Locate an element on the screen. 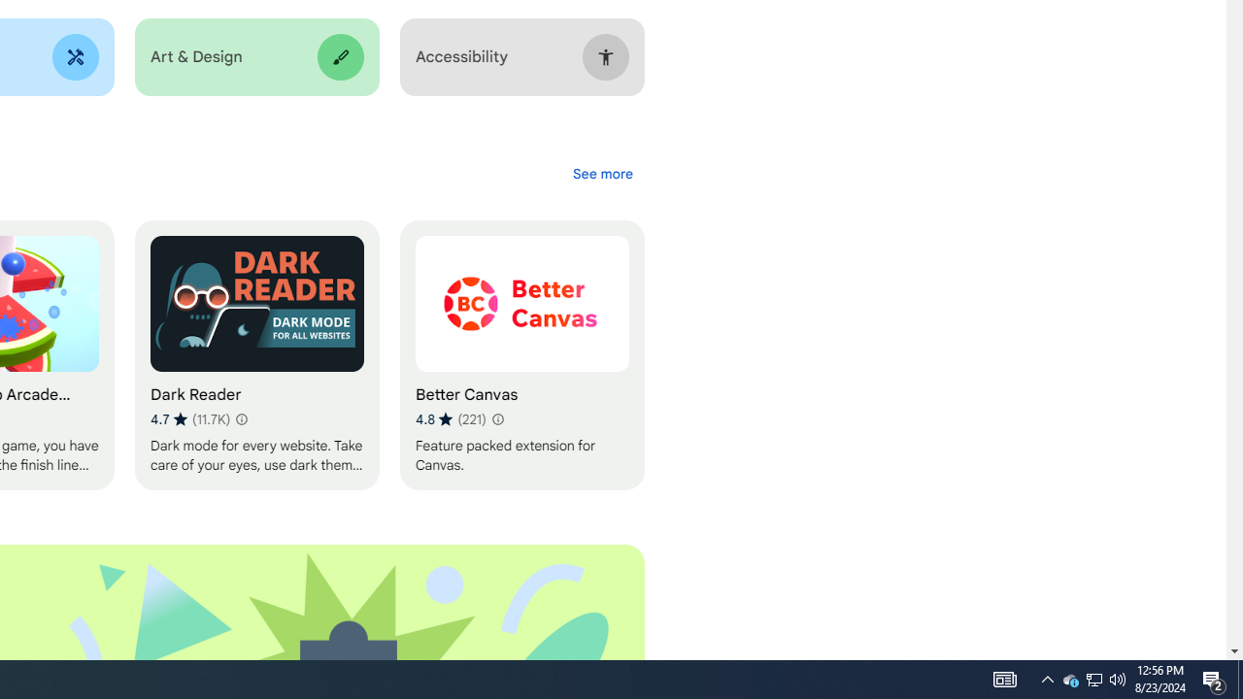 Image resolution: width=1243 pixels, height=699 pixels. 'Better Canvas' is located at coordinates (521, 355).